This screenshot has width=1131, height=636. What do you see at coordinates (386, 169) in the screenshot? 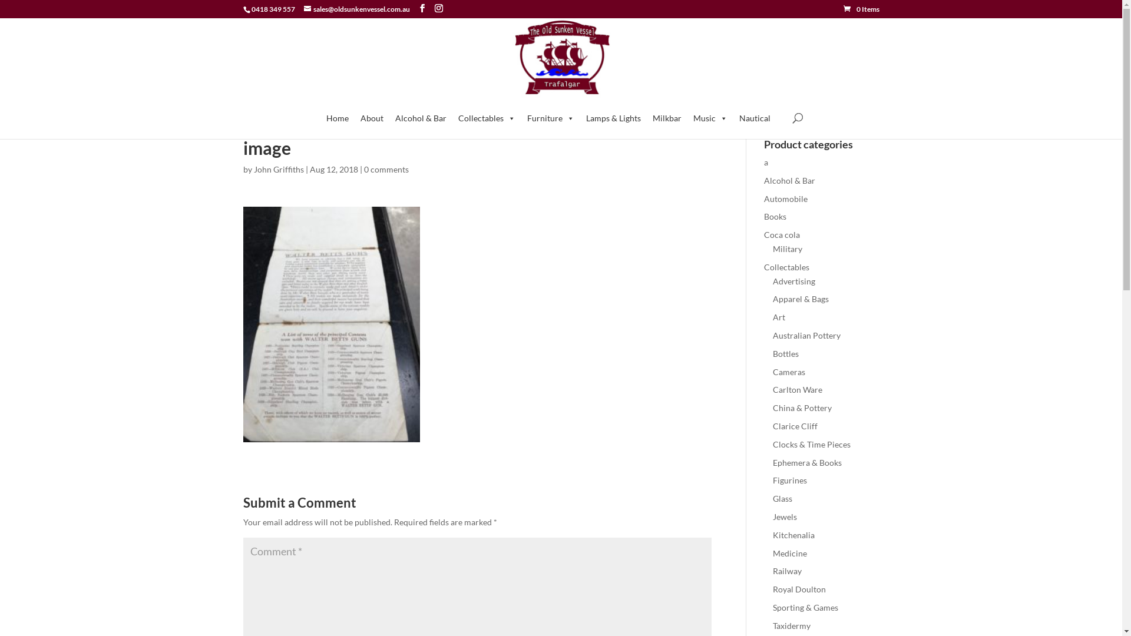
I see `'0 comments'` at bounding box center [386, 169].